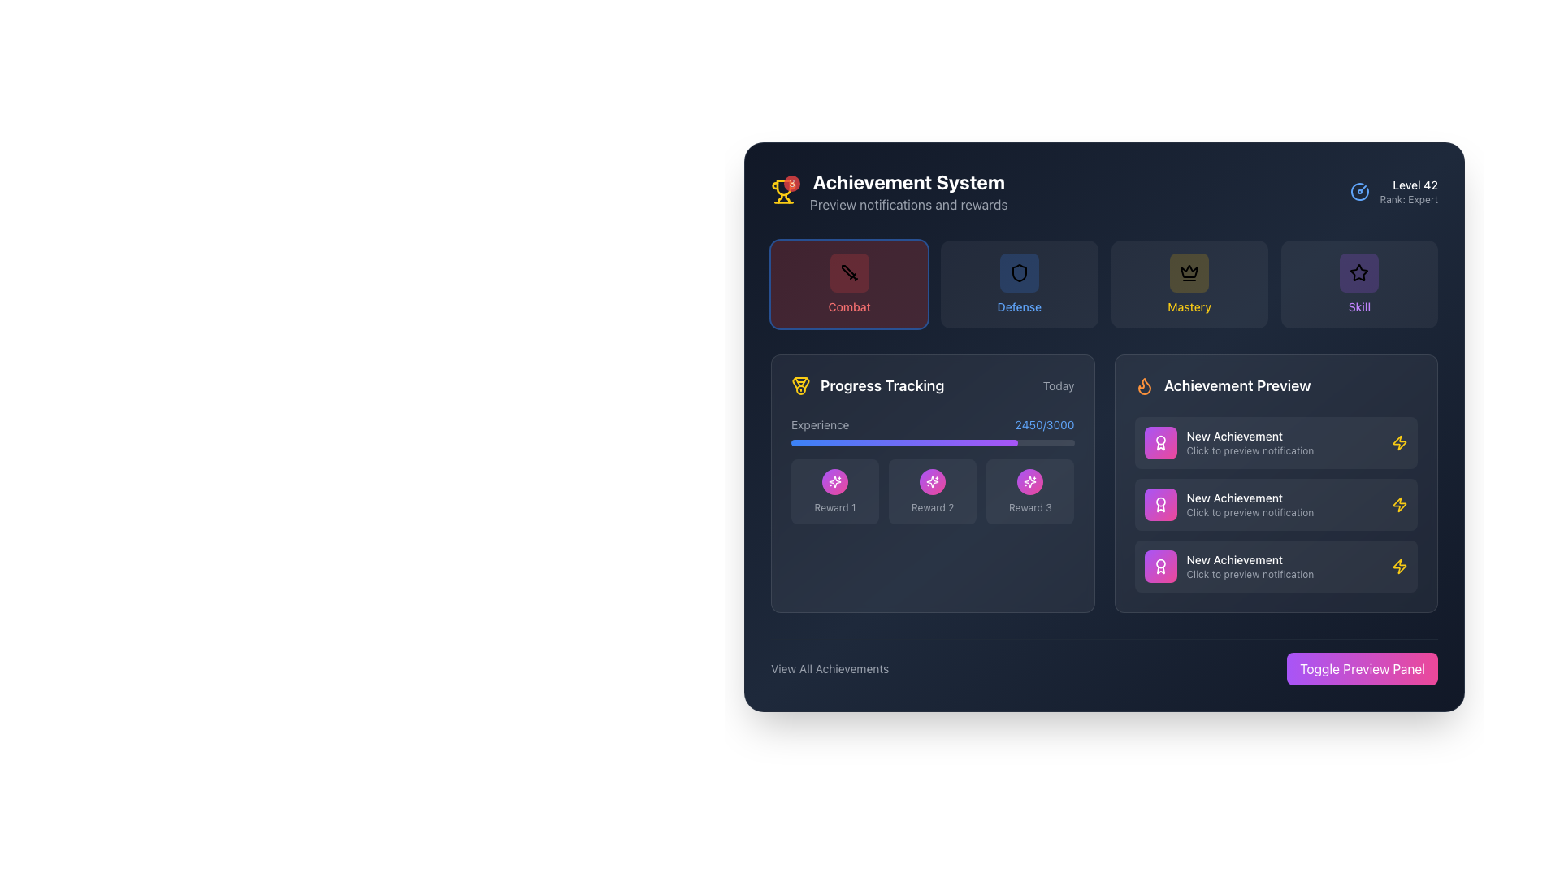  Describe the element at coordinates (1399, 566) in the screenshot. I see `the SVG Icon indicating the achievement's attribute, located on the right side of the 'Achievement Preview' section, aligned to the right of the second row` at that location.